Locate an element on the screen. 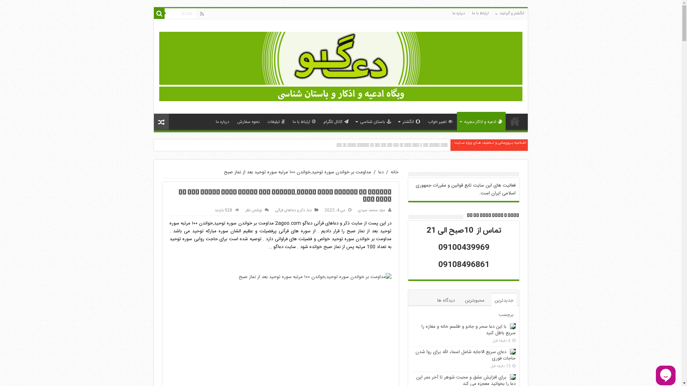  'Rss' is located at coordinates (201, 14).